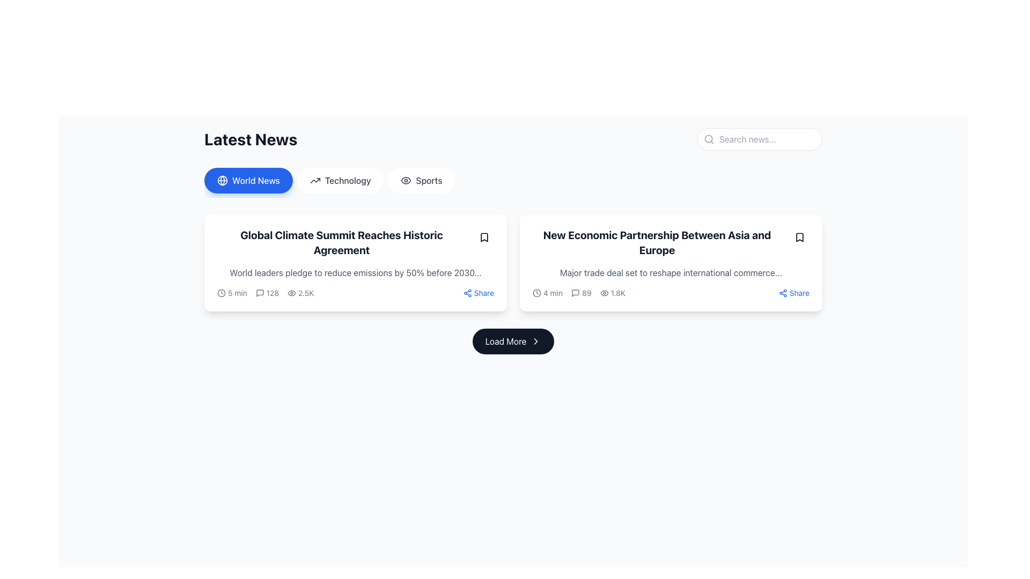  I want to click on the bookmark button located in the top-right corner of the 'Global Climate Summit Reaches Historic Agreement' card, so click(483, 237).